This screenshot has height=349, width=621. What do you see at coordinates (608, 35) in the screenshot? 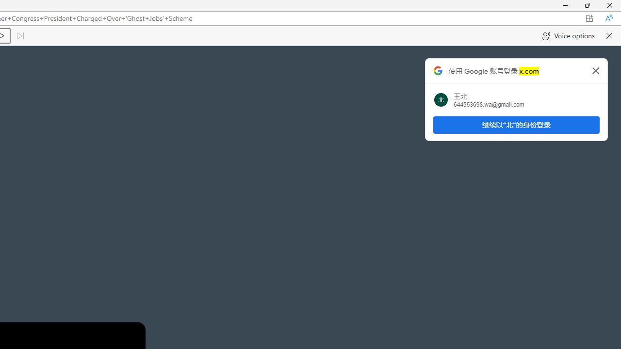
I see `'Close read aloud'` at bounding box center [608, 35].